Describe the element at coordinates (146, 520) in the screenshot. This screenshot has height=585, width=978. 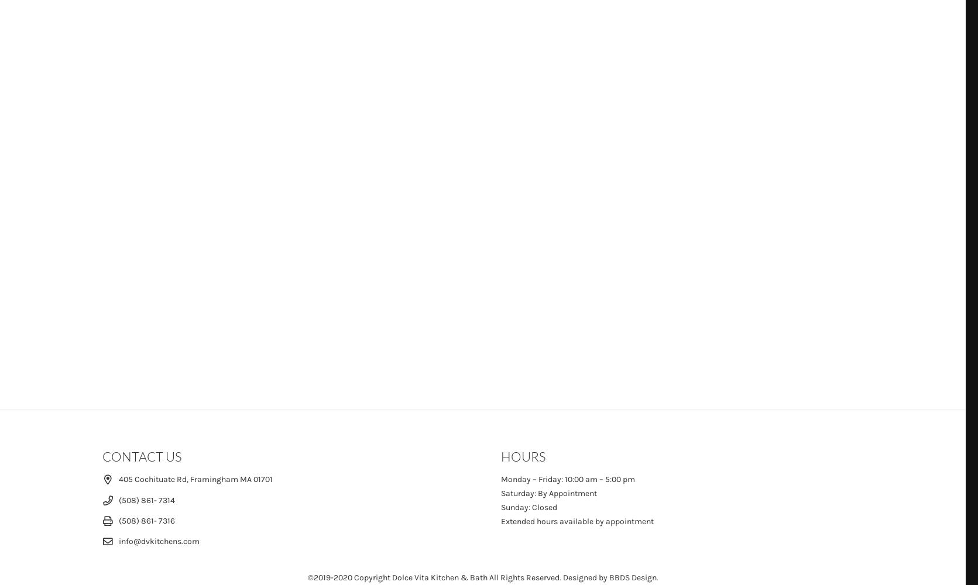
I see `'(508) 861- 7316'` at that location.